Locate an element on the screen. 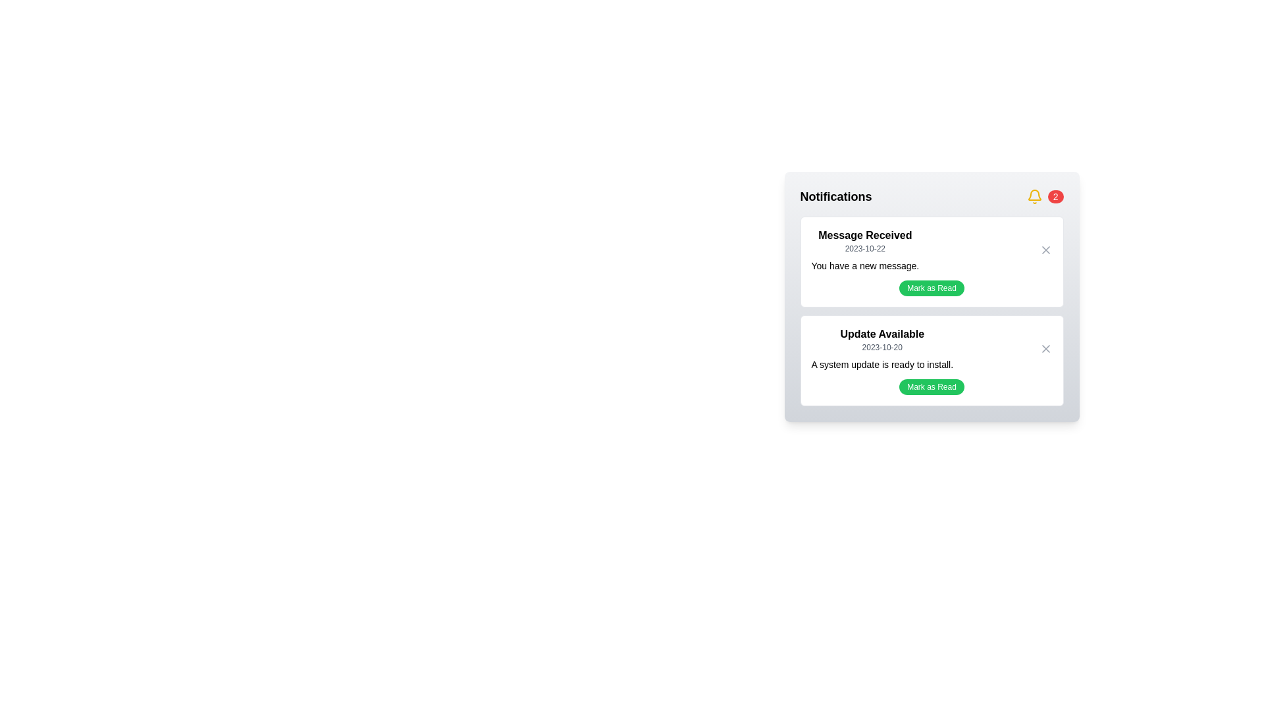 This screenshot has height=711, width=1264. the close icon in the top-right corner of the 'Message Received' notification card is located at coordinates (1045, 250).